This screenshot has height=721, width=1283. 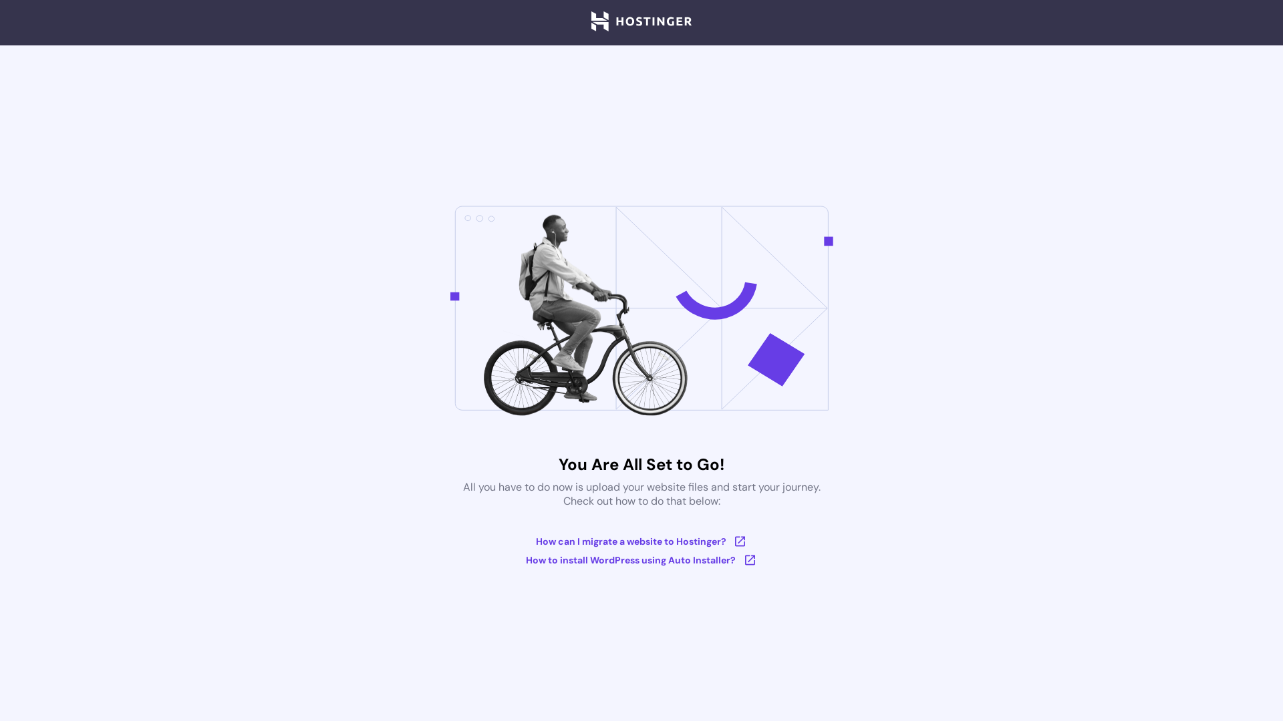 What do you see at coordinates (641, 560) in the screenshot?
I see `'How to install WordPress using Auto Installer?'` at bounding box center [641, 560].